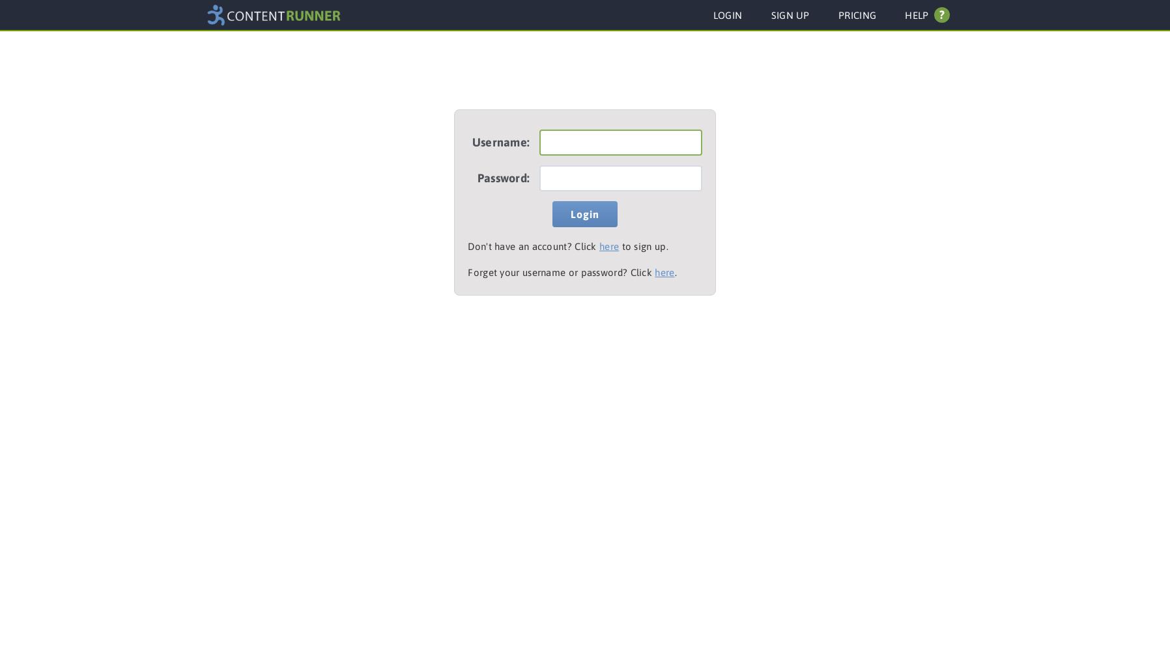 This screenshot has width=1170, height=651. I want to click on 'Don't have an account?  Click', so click(533, 246).